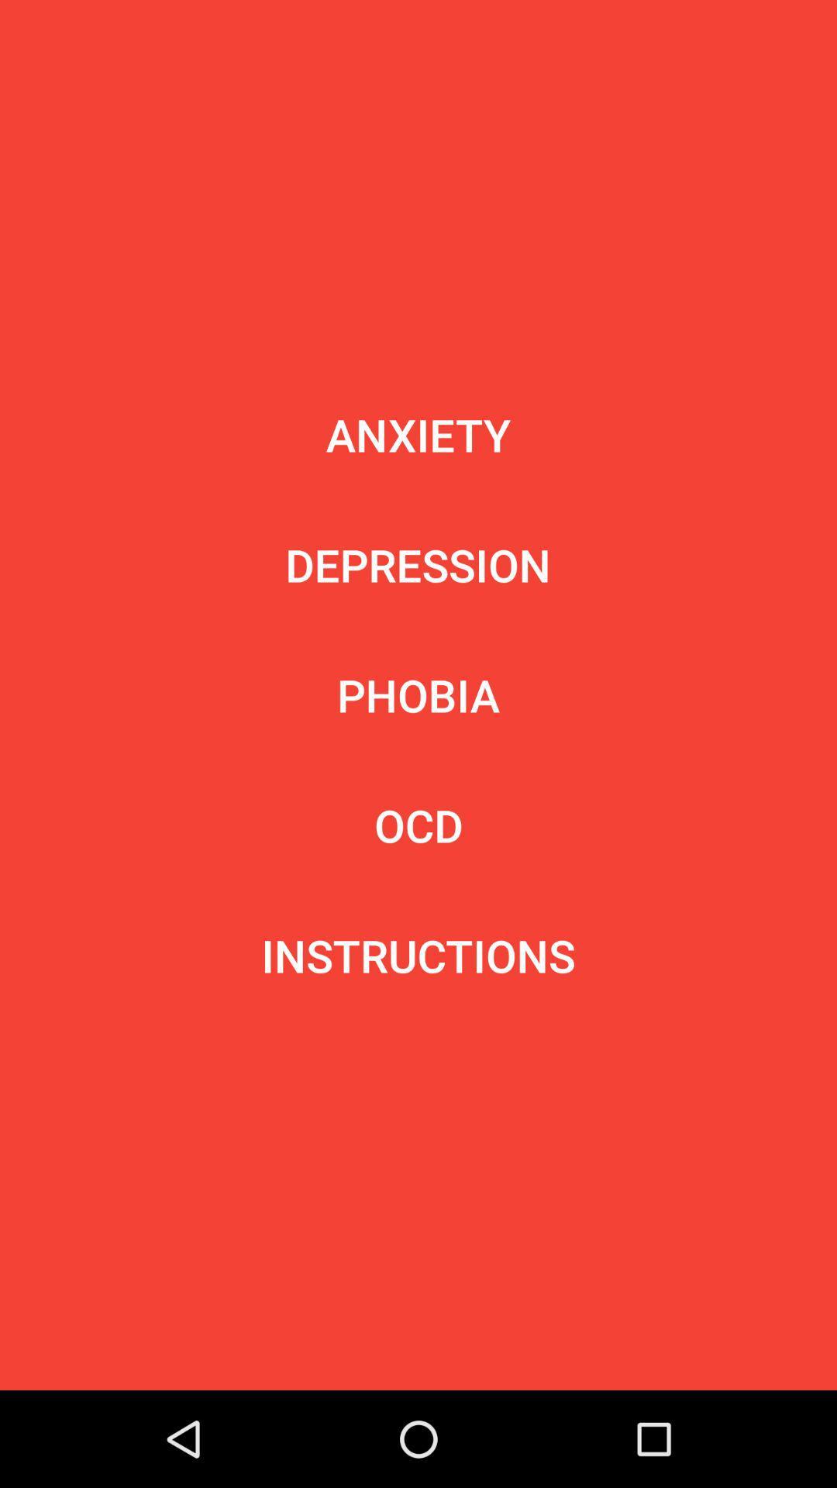  I want to click on icon below the phobia, so click(418, 825).